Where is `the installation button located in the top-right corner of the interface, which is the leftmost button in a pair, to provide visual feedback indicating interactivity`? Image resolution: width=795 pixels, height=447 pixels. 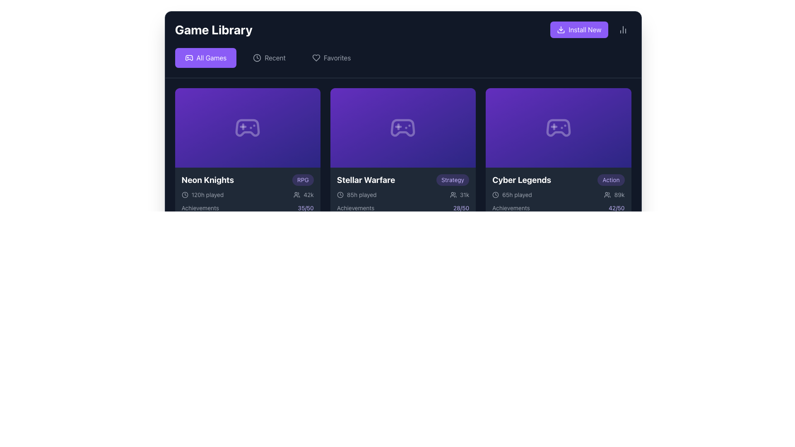 the installation button located in the top-right corner of the interface, which is the leftmost button in a pair, to provide visual feedback indicating interactivity is located at coordinates (578, 29).